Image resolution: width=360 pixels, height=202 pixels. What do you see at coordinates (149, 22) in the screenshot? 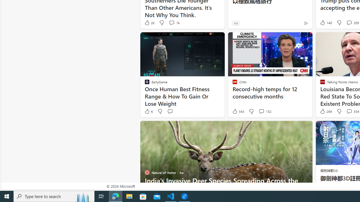
I see `'2k Like'` at bounding box center [149, 22].